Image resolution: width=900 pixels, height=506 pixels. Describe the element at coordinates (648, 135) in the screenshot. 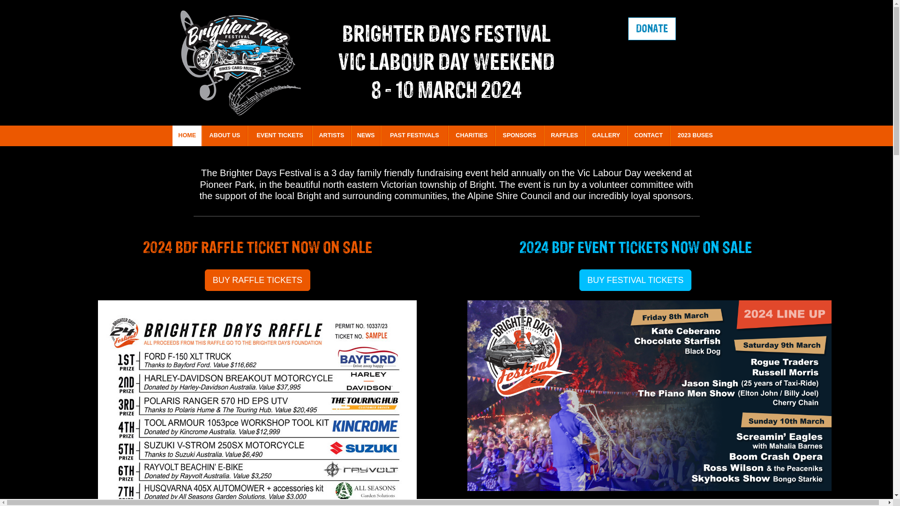

I see `'CONTACT'` at that location.